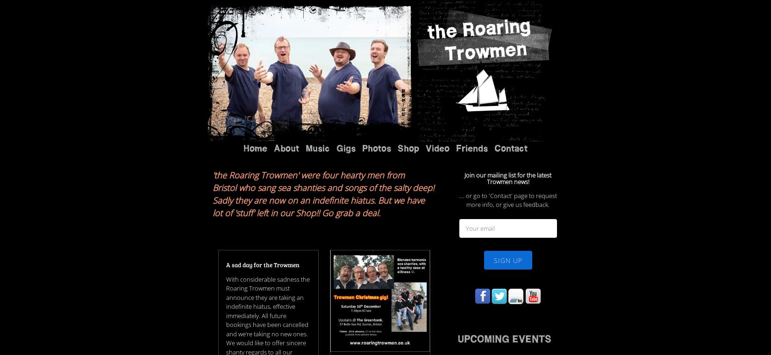  I want to click on 'Testimonials', so click(284, 68).